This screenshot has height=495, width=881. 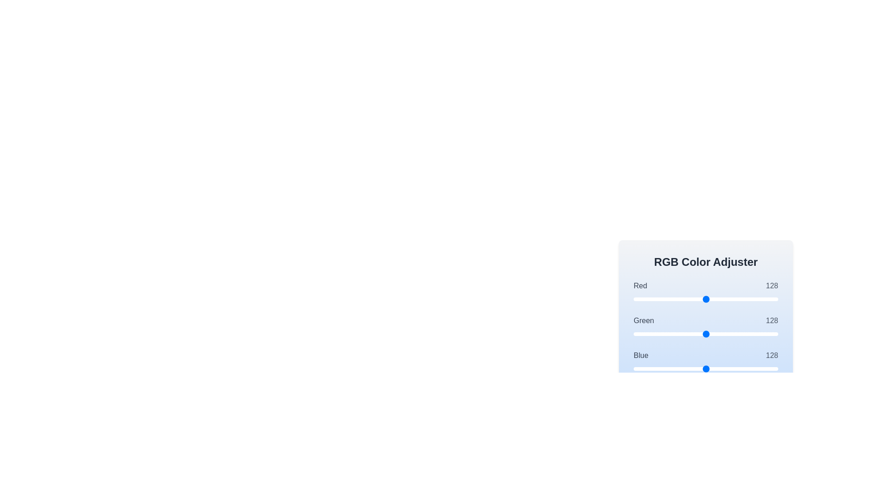 I want to click on the blue color slider to set its value to 129, so click(x=706, y=368).